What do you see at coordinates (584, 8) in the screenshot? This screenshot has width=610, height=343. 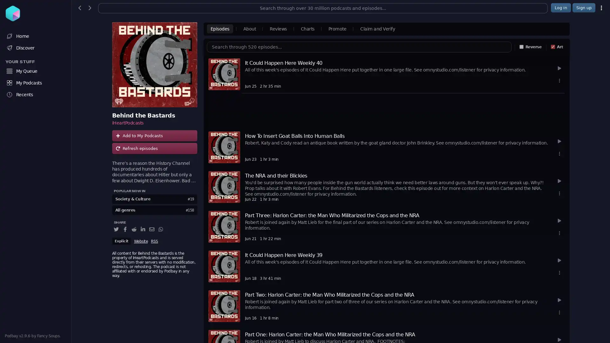 I see `Sign up` at bounding box center [584, 8].